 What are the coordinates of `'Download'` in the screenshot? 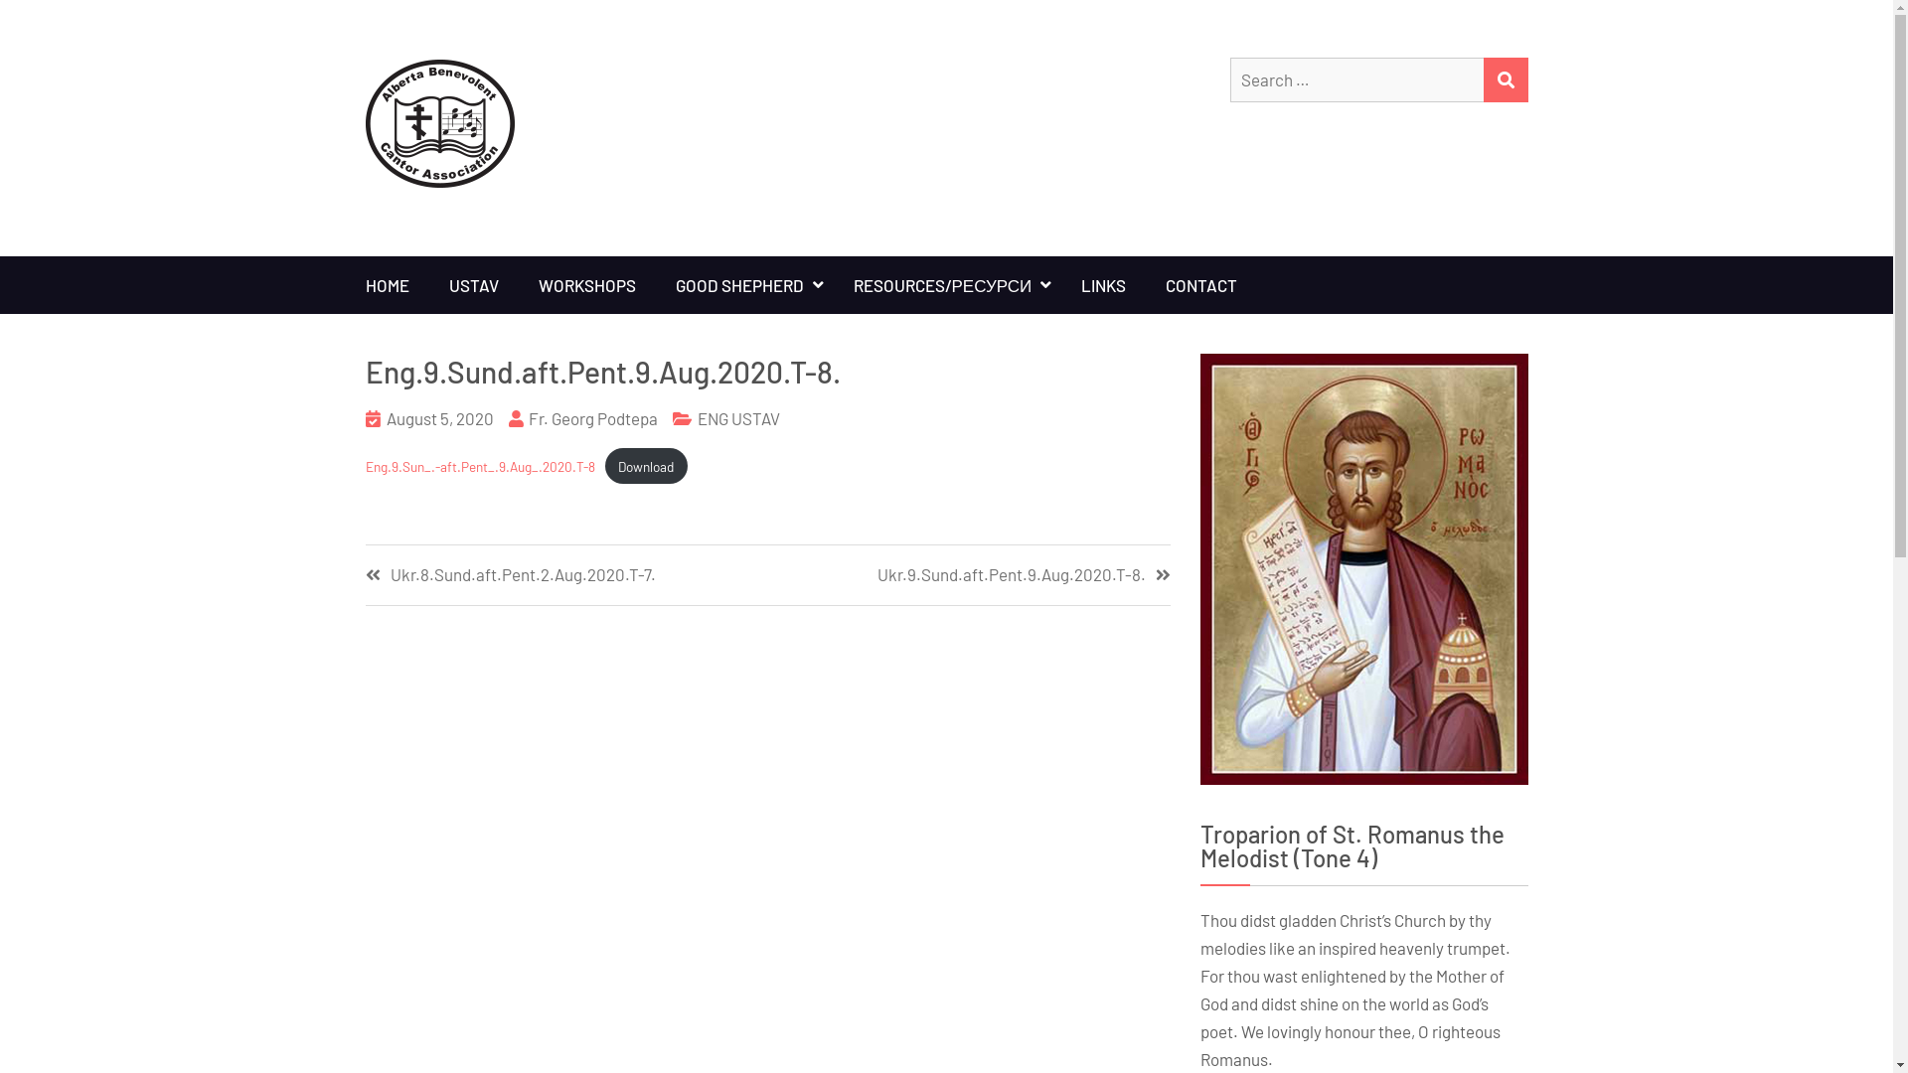 It's located at (646, 466).